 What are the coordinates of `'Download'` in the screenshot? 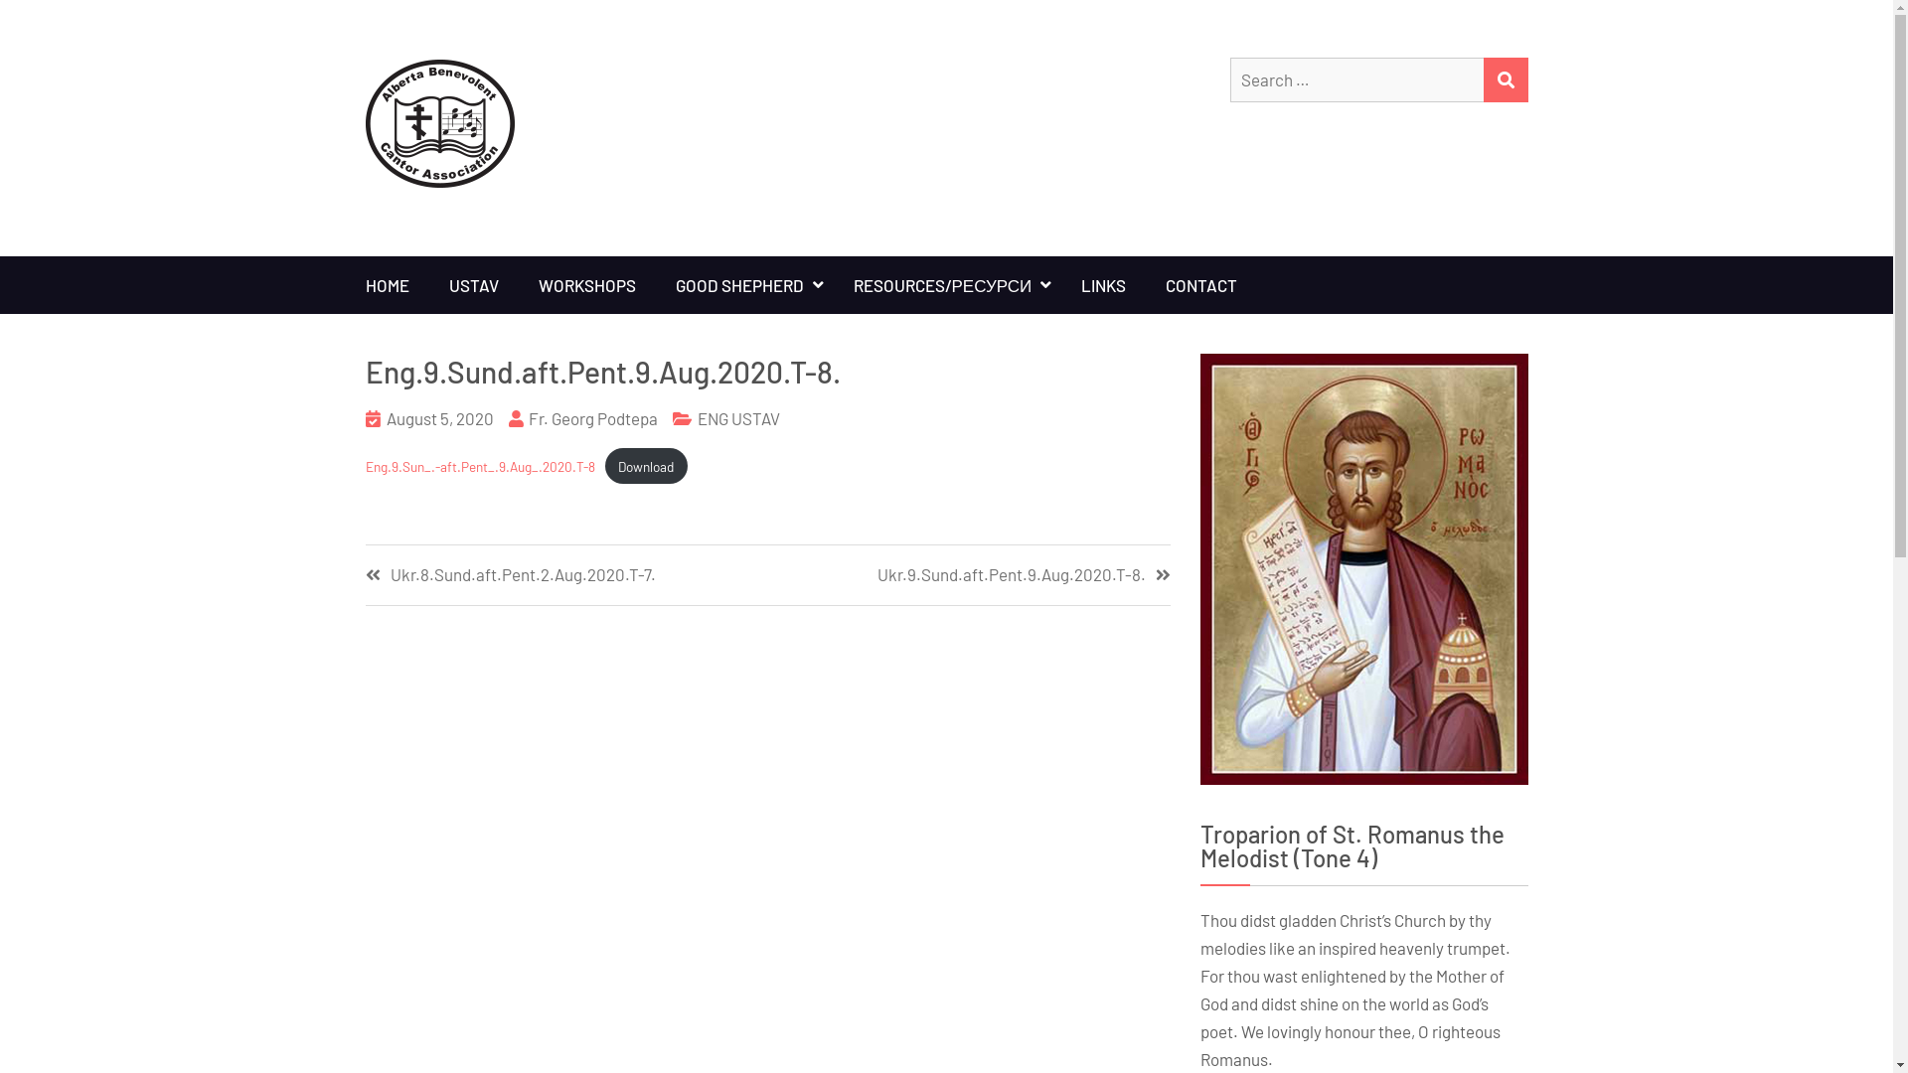 It's located at (646, 466).